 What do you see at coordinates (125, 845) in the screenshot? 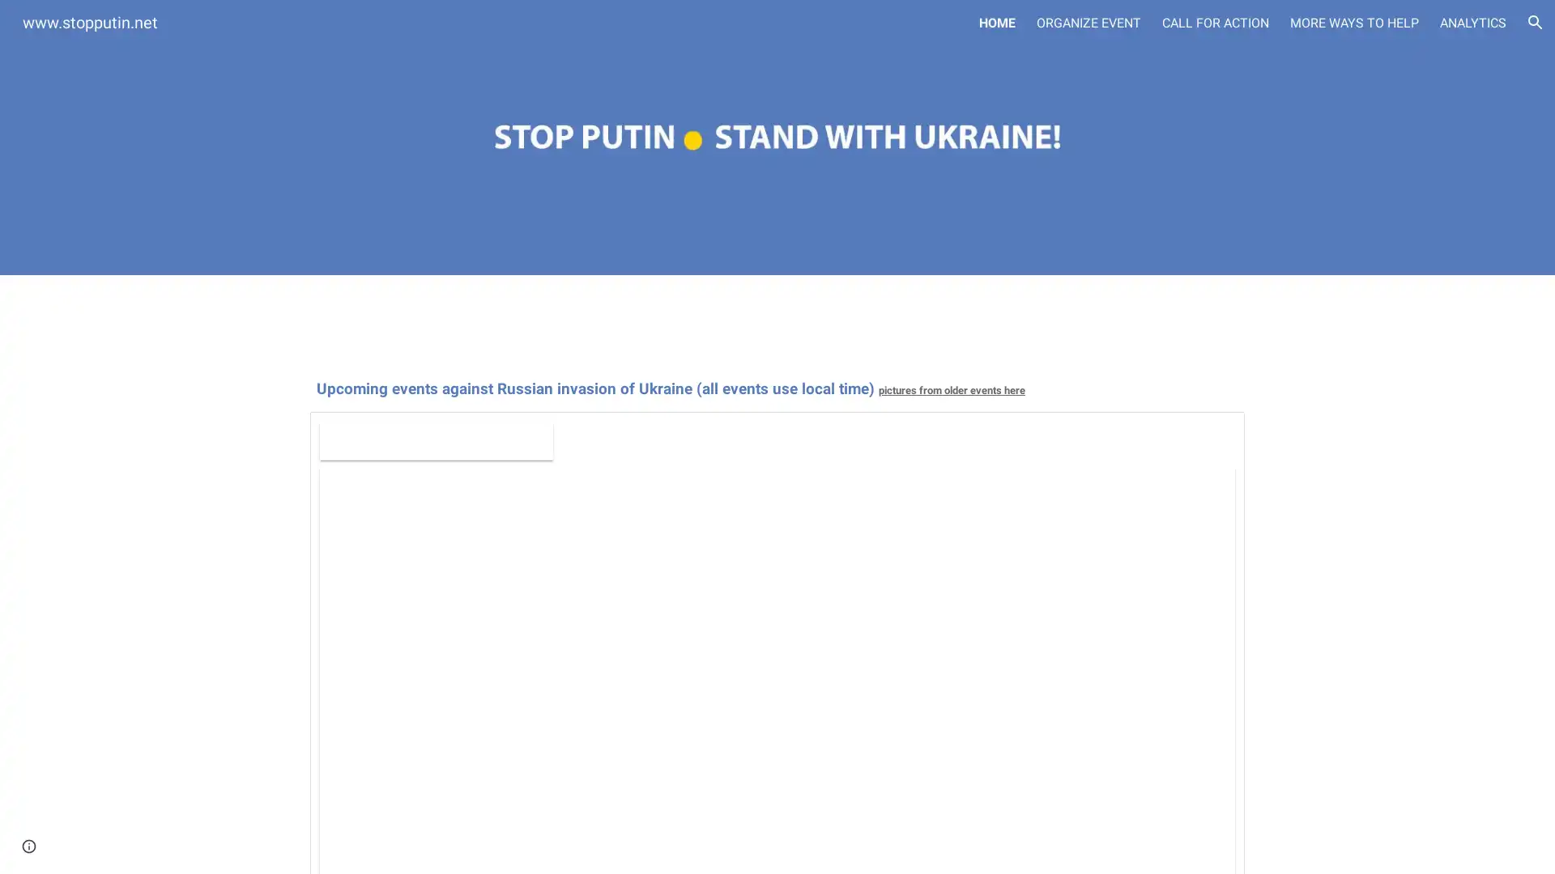
I see `Google Sites` at bounding box center [125, 845].